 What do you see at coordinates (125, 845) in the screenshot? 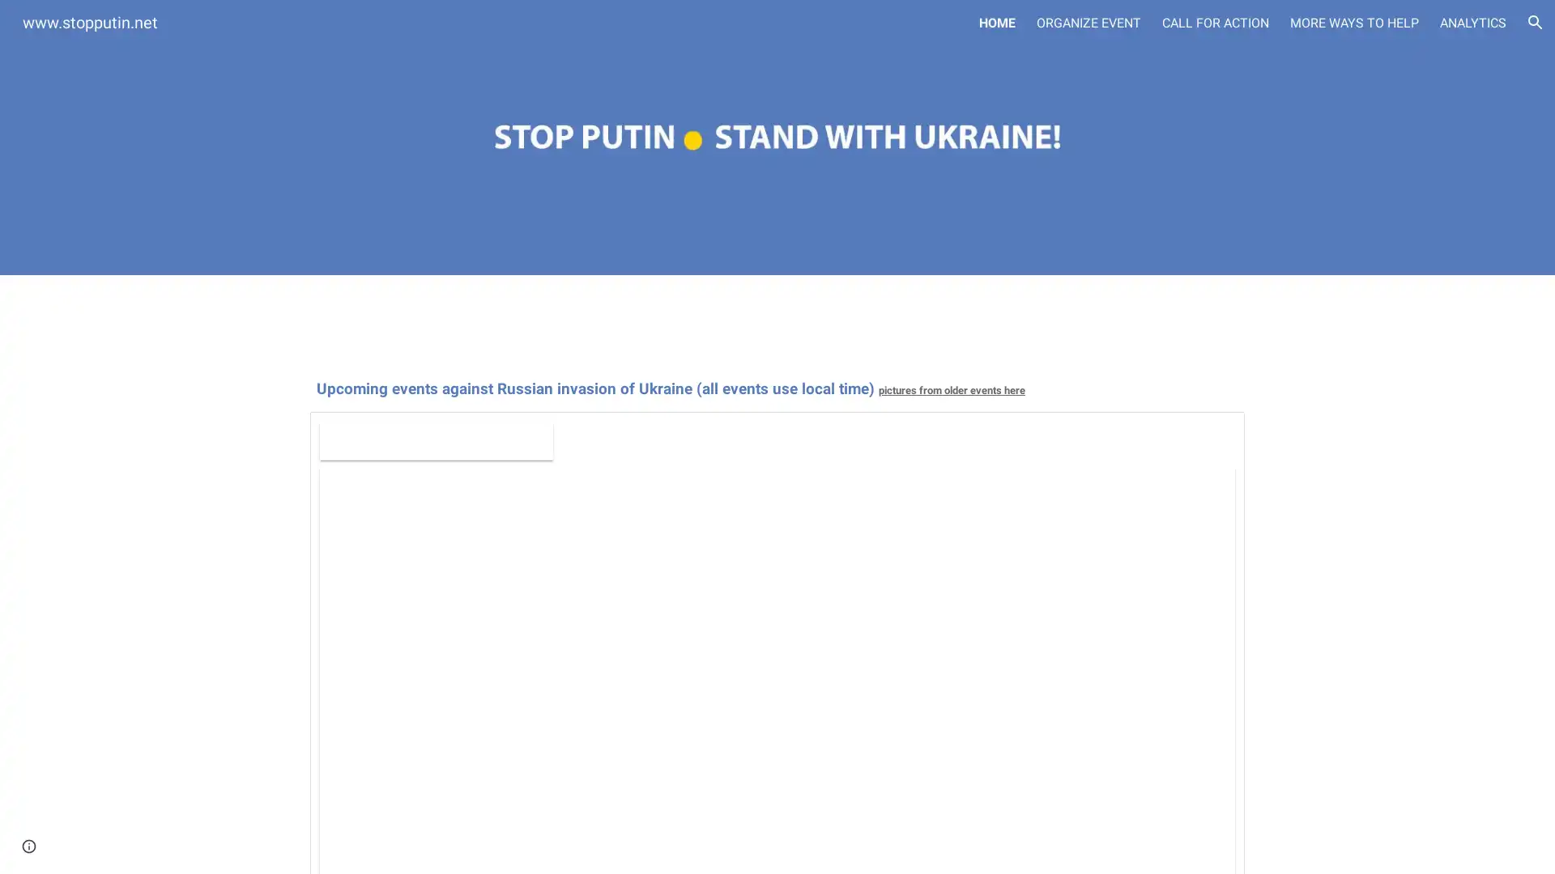
I see `Google Sites` at bounding box center [125, 845].